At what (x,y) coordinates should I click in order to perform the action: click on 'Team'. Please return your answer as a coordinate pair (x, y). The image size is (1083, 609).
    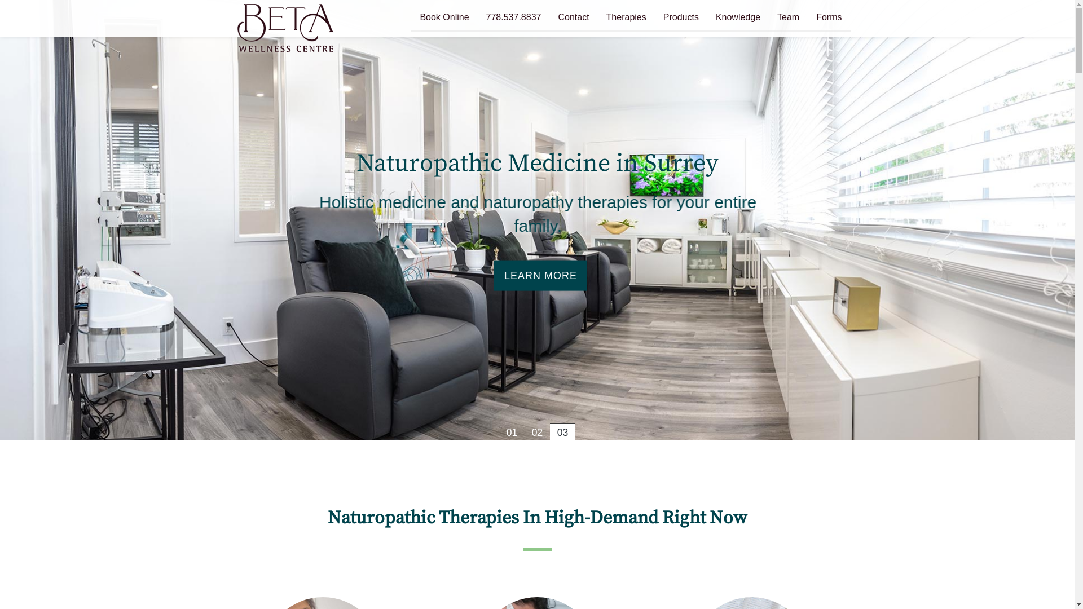
    Looking at the image, I should click on (768, 19).